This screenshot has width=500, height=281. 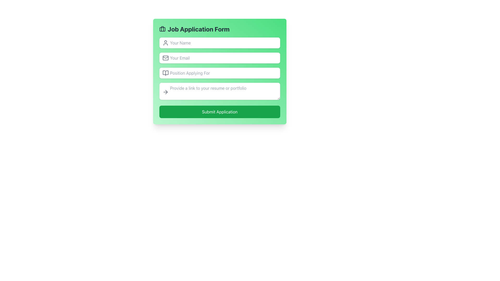 I want to click on the icon that resembles a briefcase, located to the immediate left of the text 'Job Application Form' in the header section of the form interface, so click(x=162, y=29).